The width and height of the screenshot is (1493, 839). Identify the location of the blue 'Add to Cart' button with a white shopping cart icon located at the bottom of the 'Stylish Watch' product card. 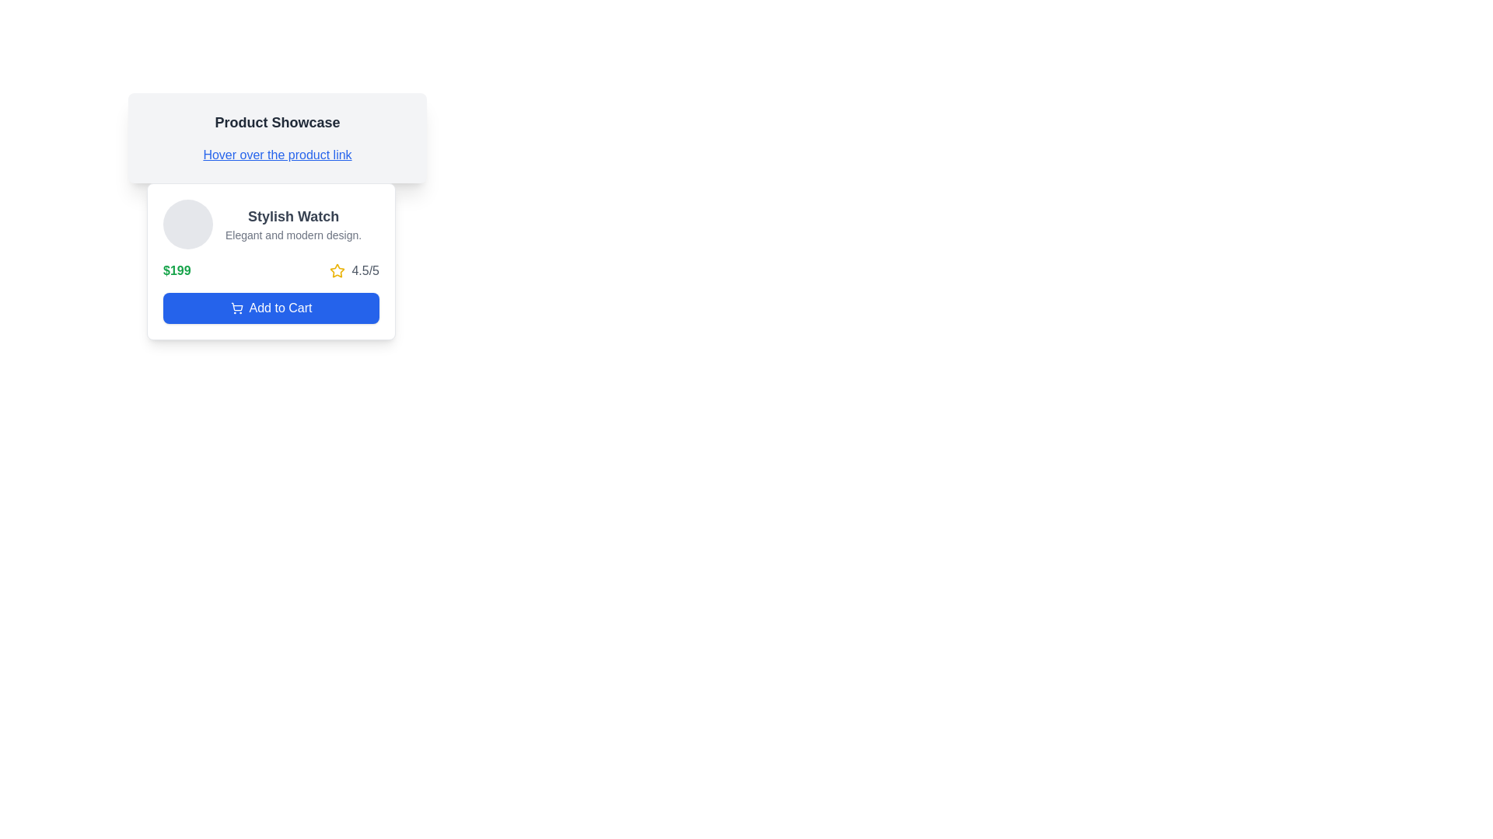
(271, 308).